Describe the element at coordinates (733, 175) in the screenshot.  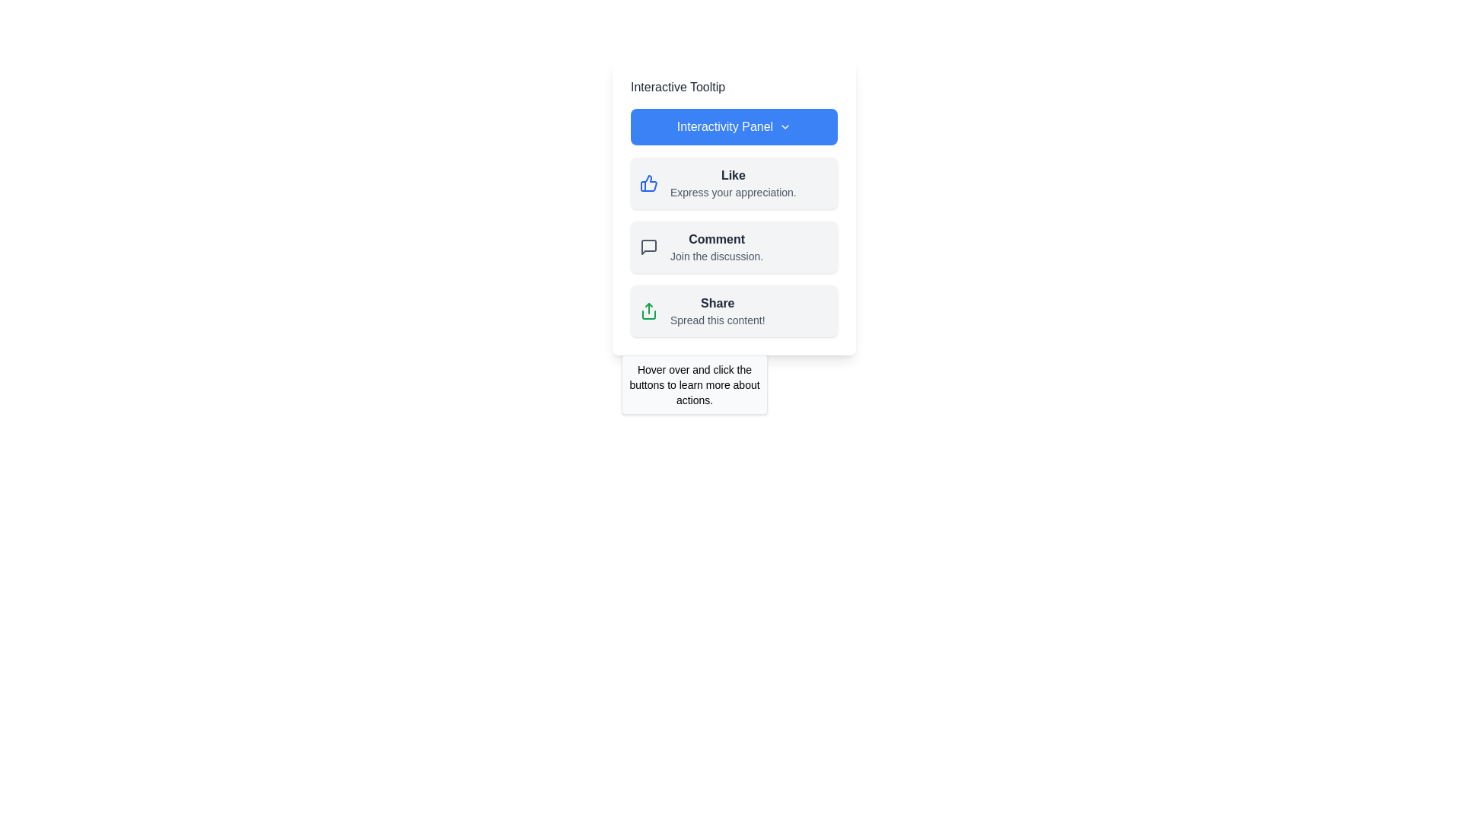
I see `the static text label stating 'Like', which is prominently displayed in bold dark gray font against a white background, located in the upper section of the interactive card` at that location.